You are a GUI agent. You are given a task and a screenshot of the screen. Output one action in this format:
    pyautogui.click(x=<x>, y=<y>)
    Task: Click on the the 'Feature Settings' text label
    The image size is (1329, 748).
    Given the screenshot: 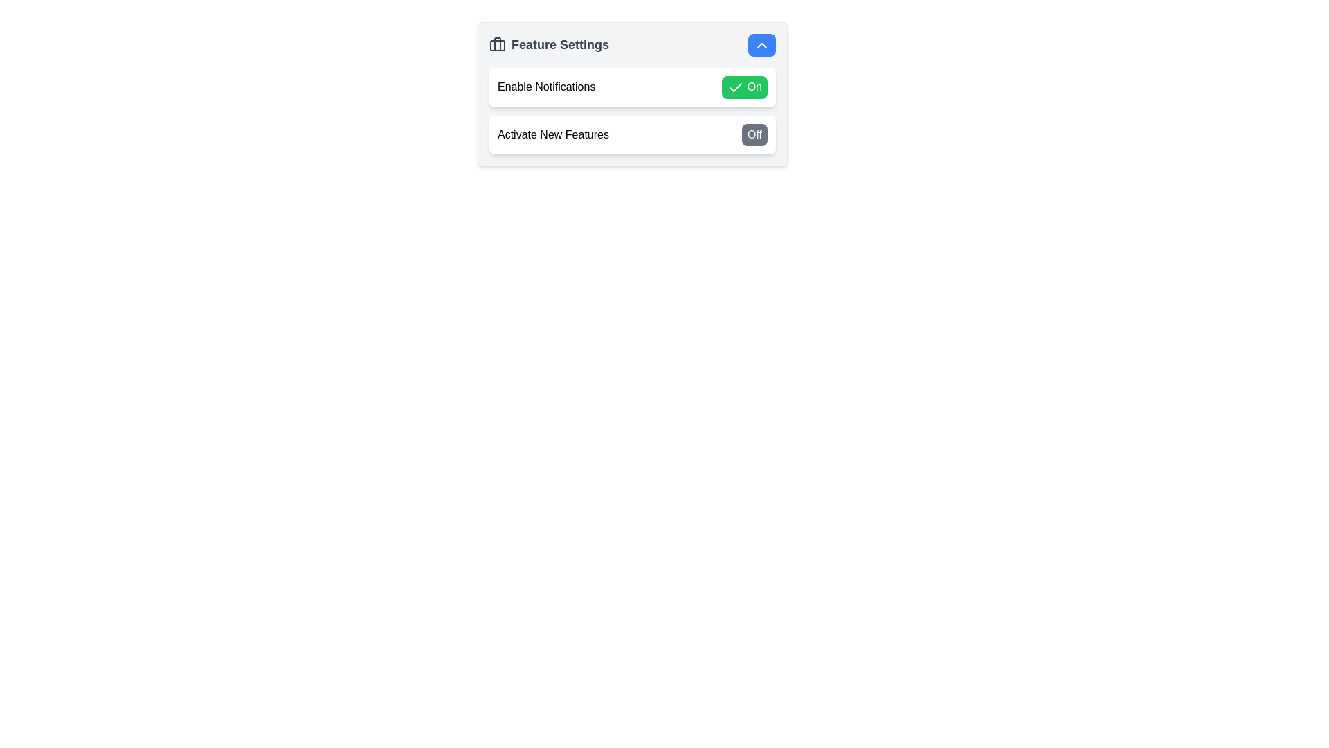 What is the action you would take?
    pyautogui.click(x=548, y=44)
    